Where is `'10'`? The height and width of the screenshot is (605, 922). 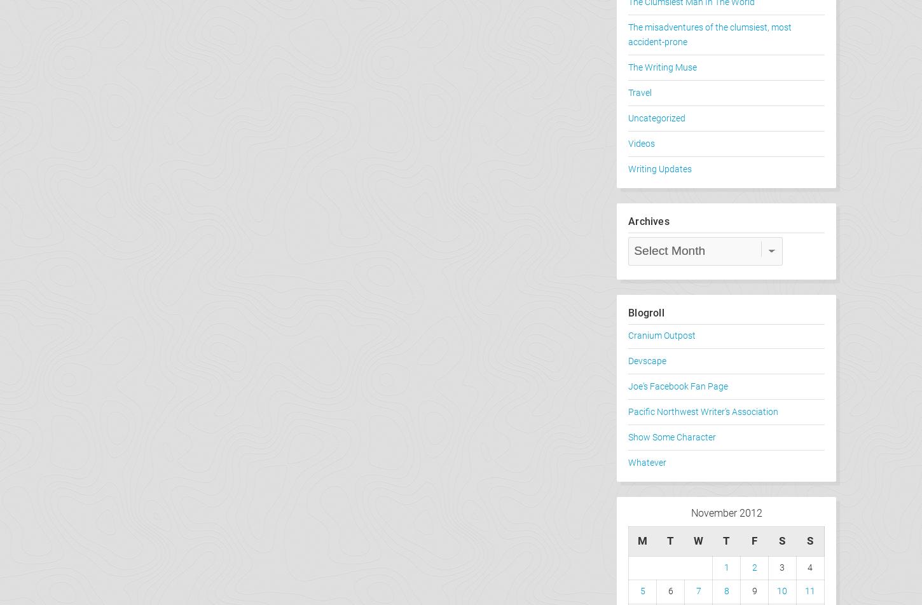 '10' is located at coordinates (782, 591).